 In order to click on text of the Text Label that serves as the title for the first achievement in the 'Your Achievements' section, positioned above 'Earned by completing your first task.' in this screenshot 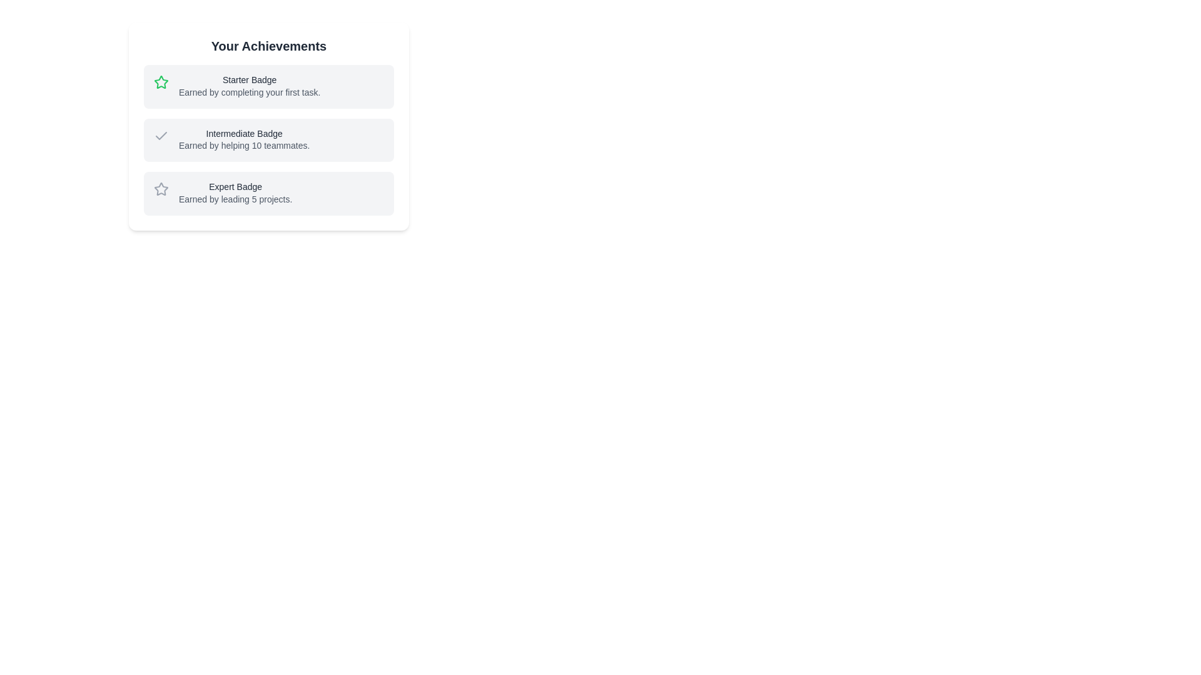, I will do `click(250, 80)`.